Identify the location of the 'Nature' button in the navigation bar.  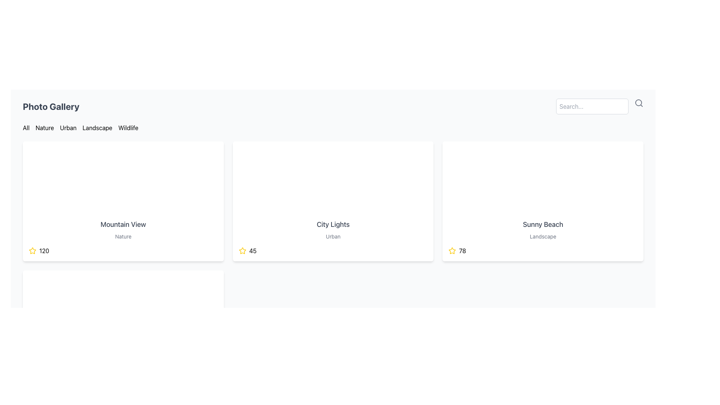
(44, 127).